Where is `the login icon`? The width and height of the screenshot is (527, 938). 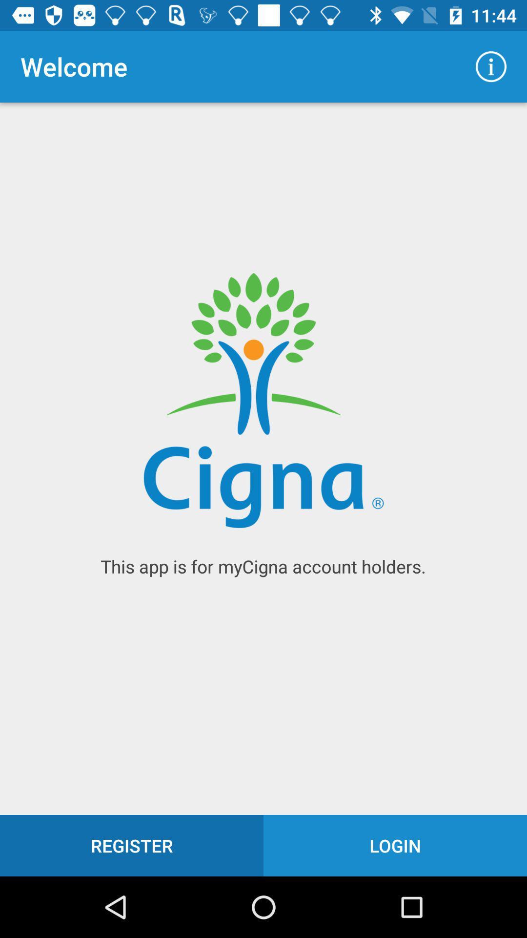
the login icon is located at coordinates (395, 845).